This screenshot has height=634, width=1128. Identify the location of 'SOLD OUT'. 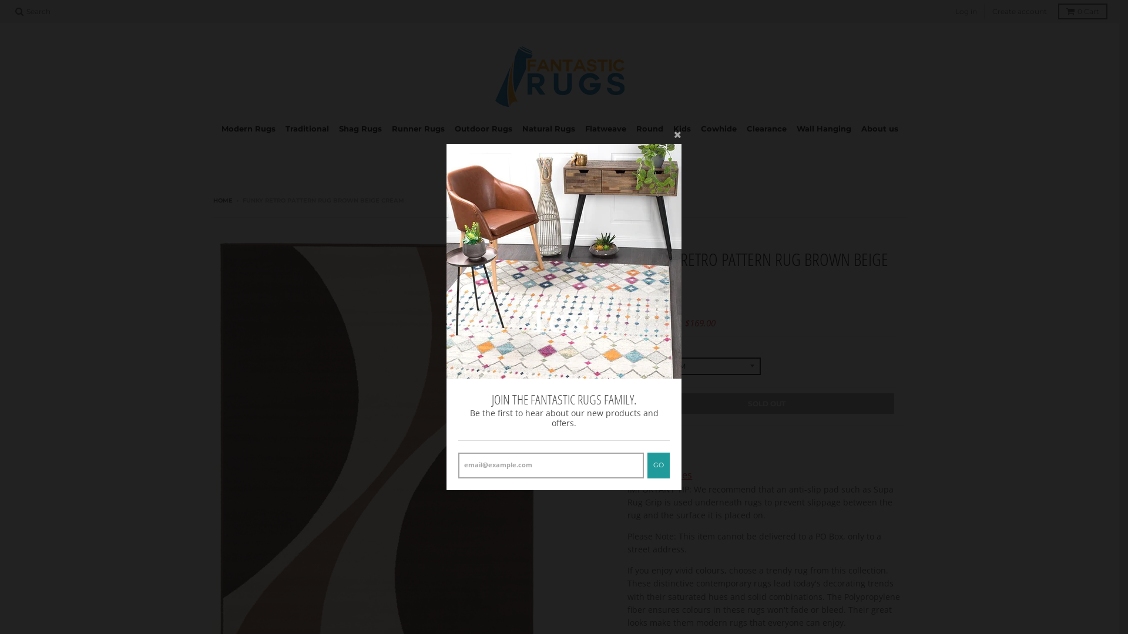
(767, 403).